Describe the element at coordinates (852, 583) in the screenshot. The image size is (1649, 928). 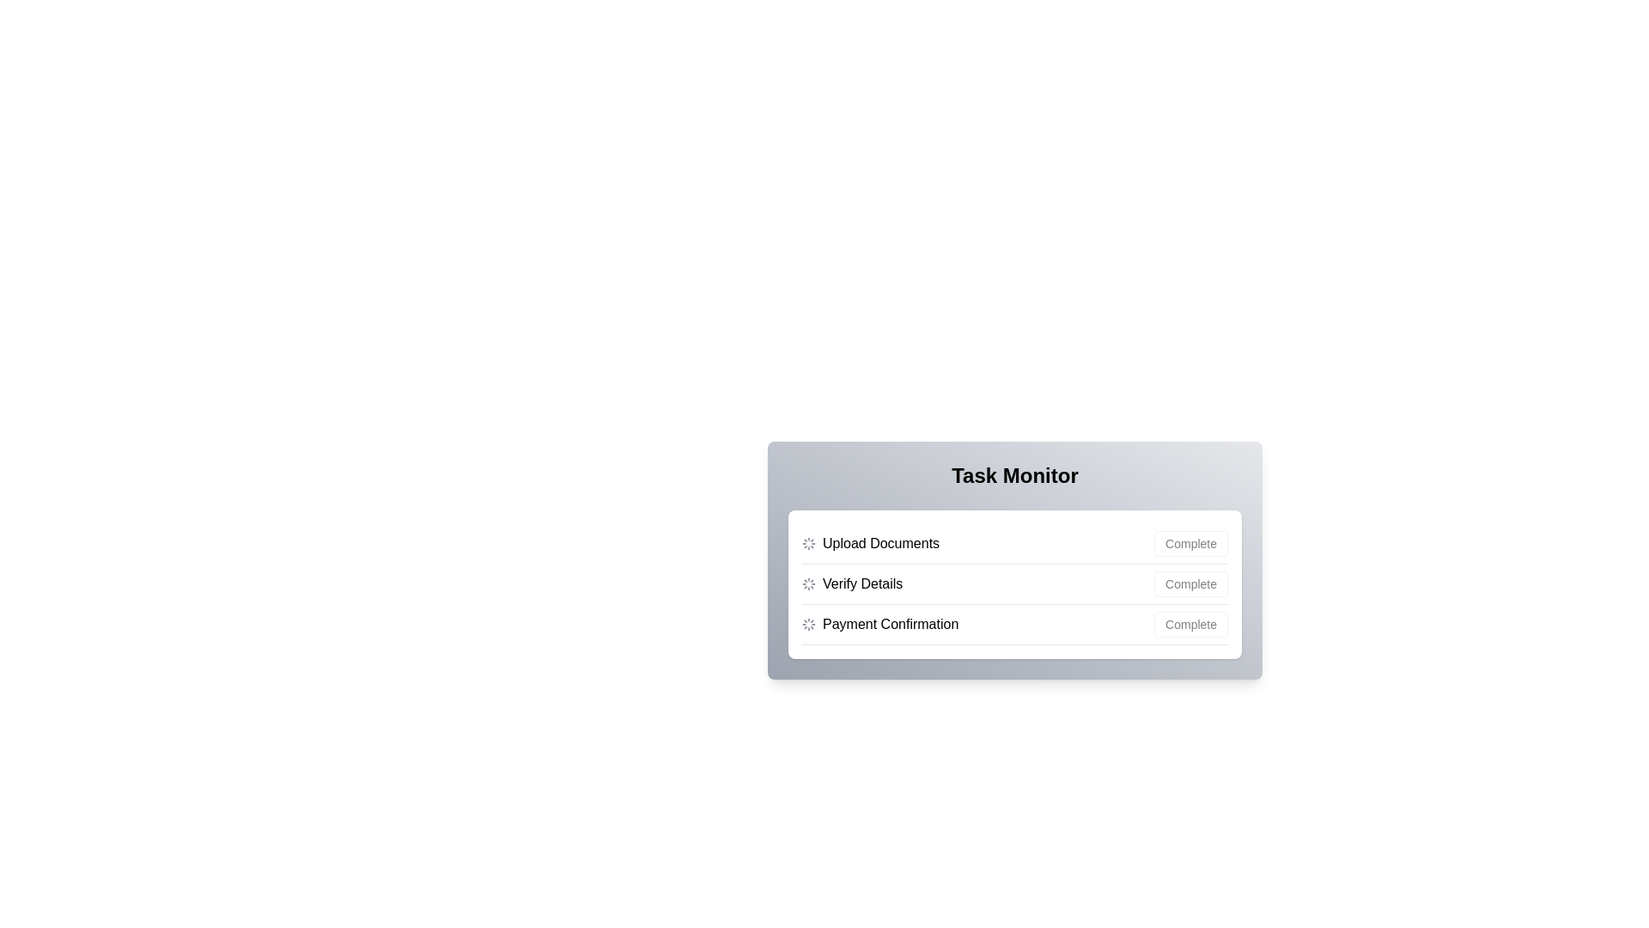
I see `the spinner icon in the 'Verify Details' list item located in the 'Task Monitor' interface, which is the second item in a vertical list under 'Upload Documents'` at that location.